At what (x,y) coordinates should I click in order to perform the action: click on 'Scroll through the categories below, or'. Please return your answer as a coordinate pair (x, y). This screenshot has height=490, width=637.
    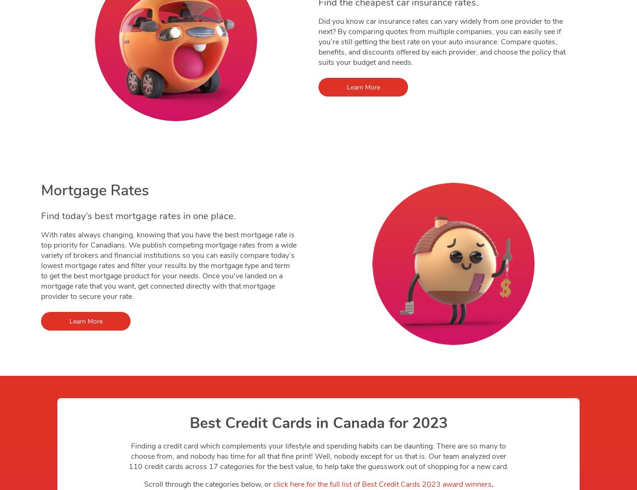
    Looking at the image, I should click on (144, 484).